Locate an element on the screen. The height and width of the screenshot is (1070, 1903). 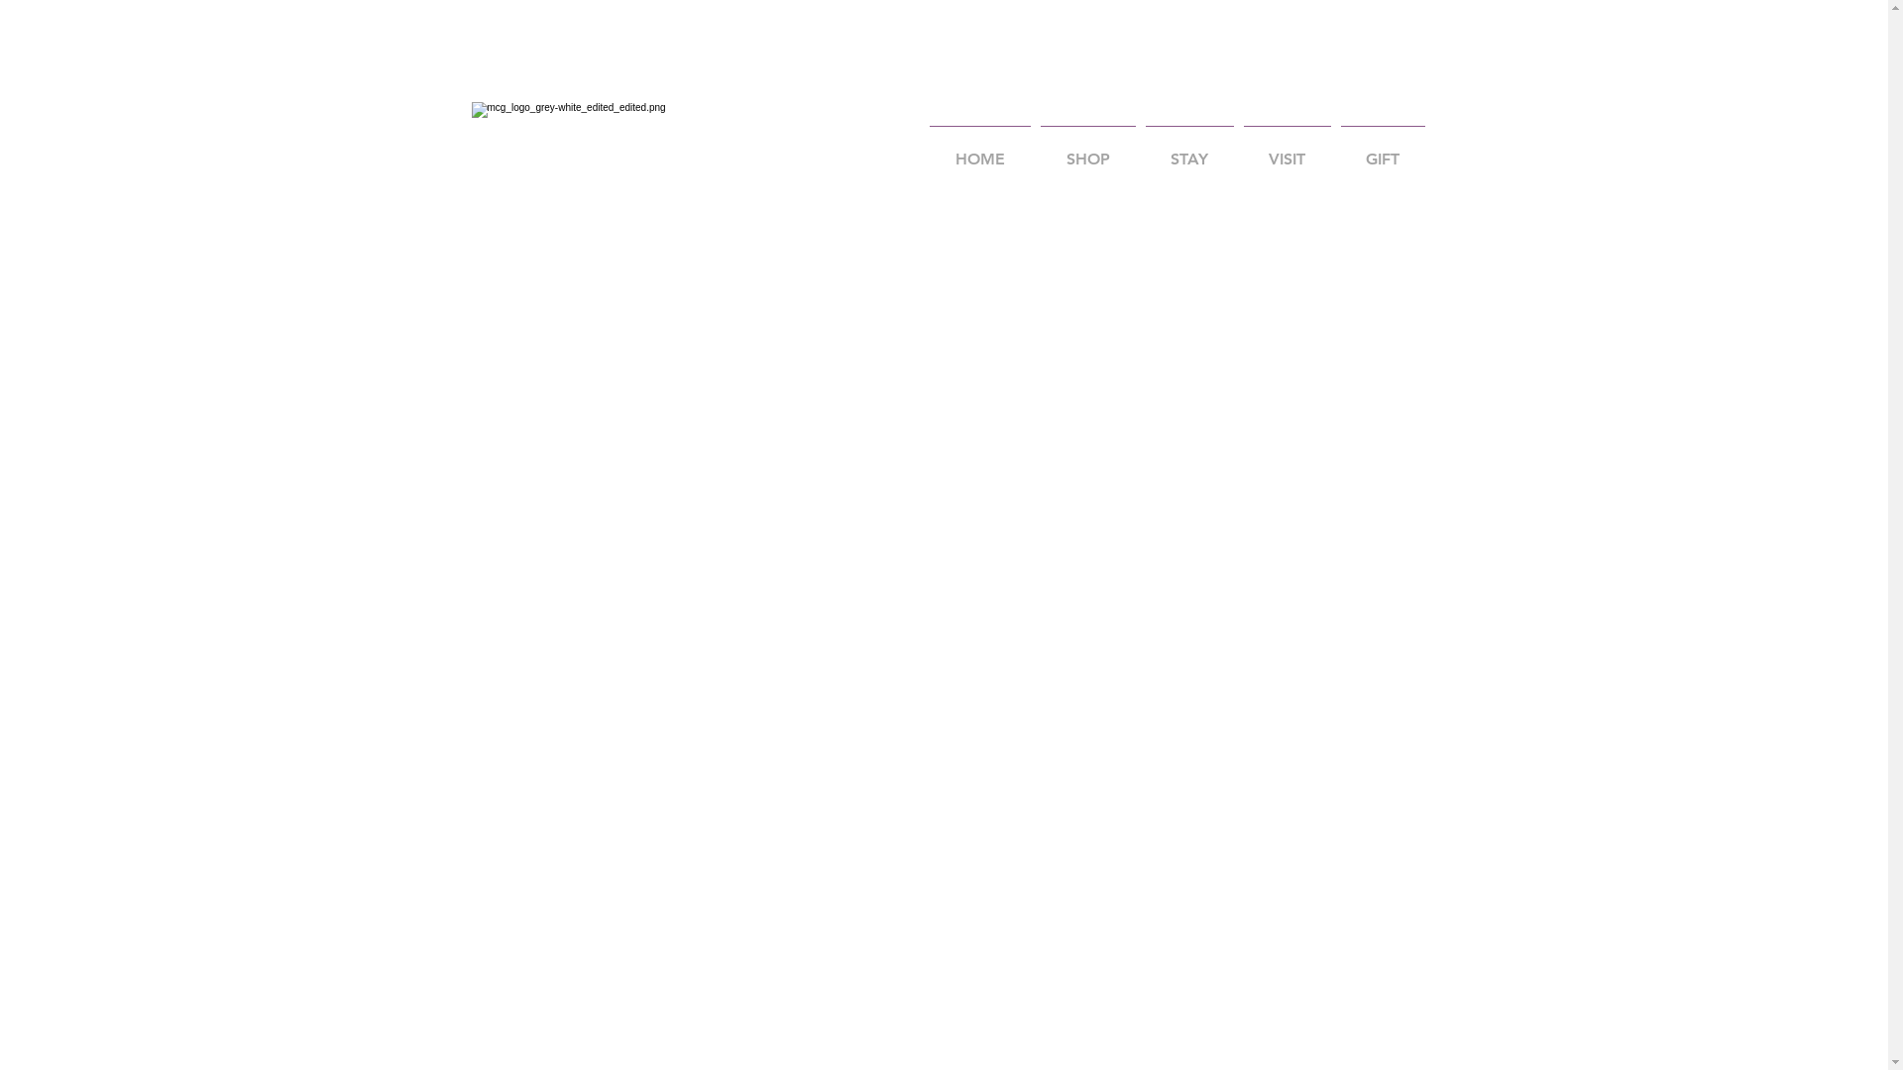
'SHOP' is located at coordinates (1086, 149).